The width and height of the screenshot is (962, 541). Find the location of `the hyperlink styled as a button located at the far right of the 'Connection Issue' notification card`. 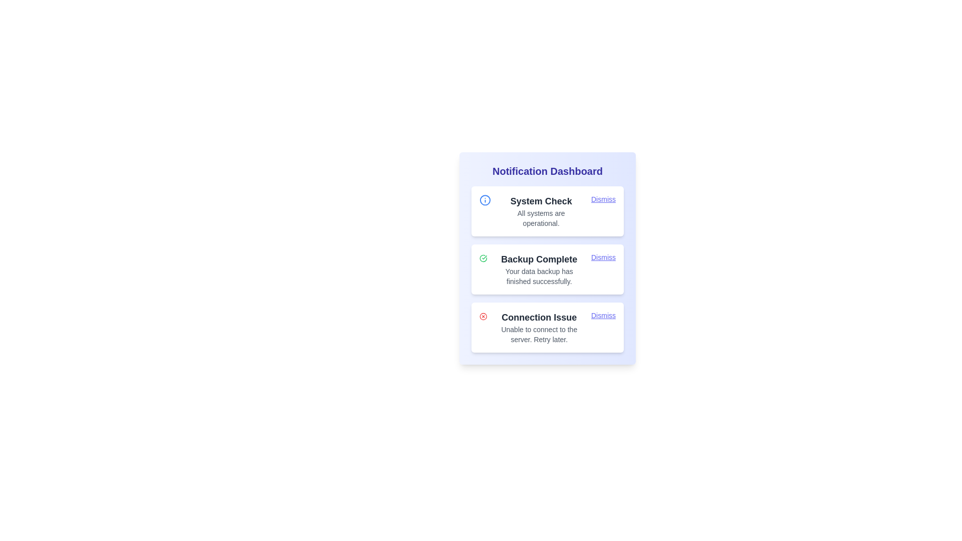

the hyperlink styled as a button located at the far right of the 'Connection Issue' notification card is located at coordinates (603, 315).